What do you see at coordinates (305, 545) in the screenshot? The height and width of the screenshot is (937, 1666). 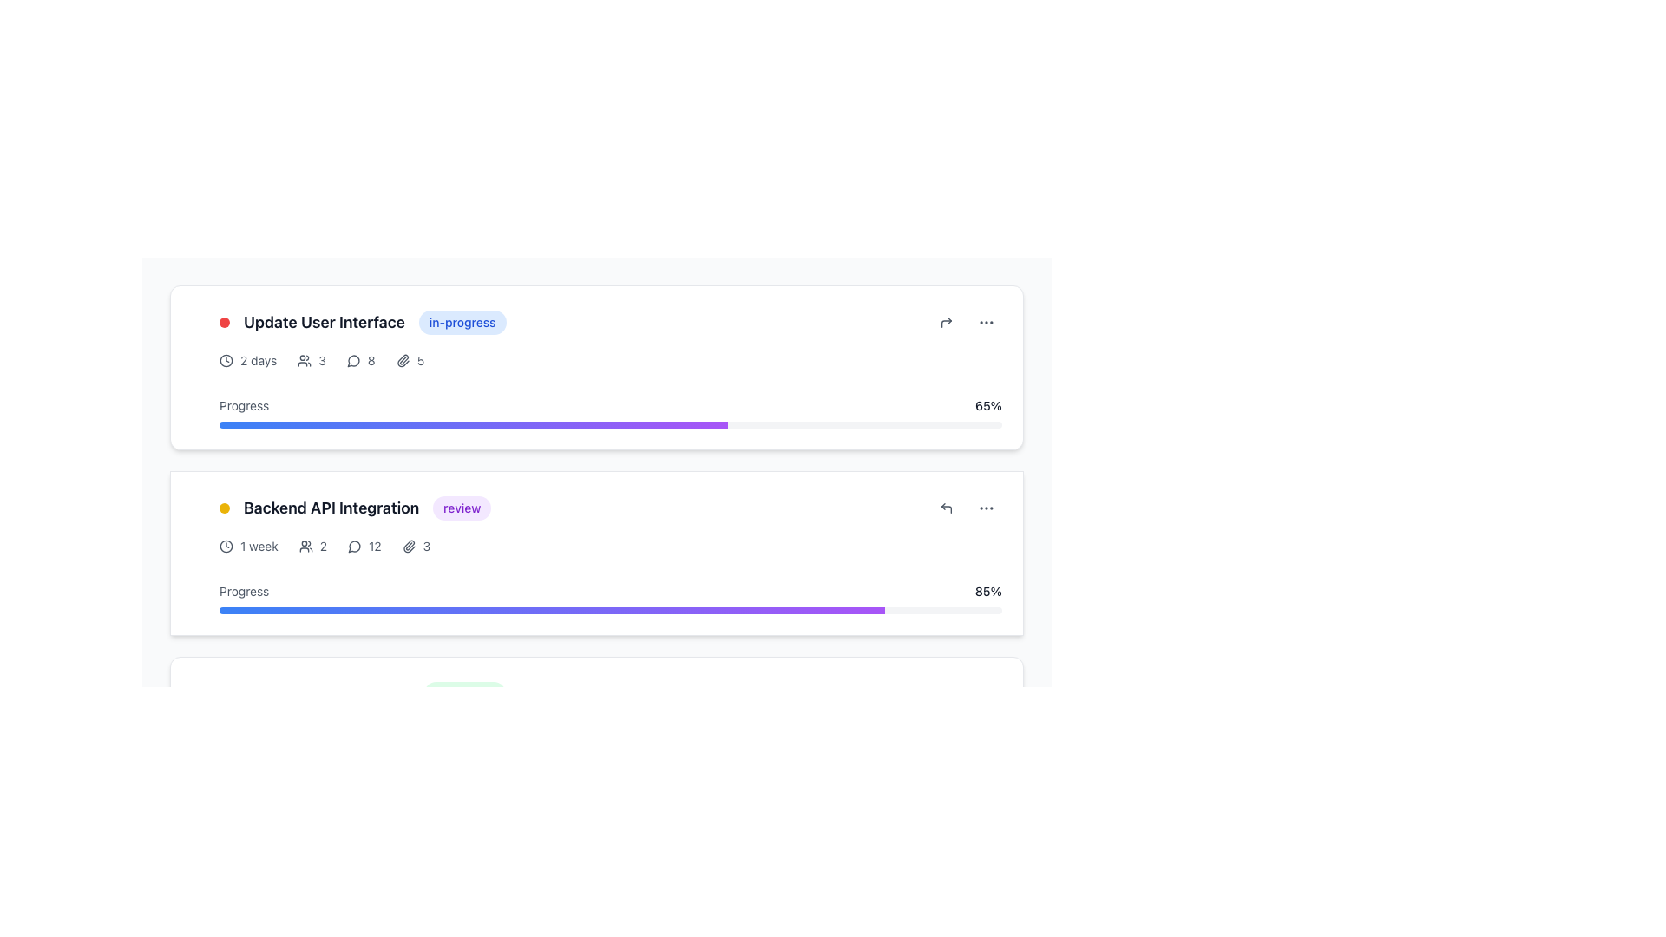 I see `the 'Users' or 'Group' icon which is located in the second information card for the 'Backend API Integration' task, positioned to the left of the display text '2'` at bounding box center [305, 545].